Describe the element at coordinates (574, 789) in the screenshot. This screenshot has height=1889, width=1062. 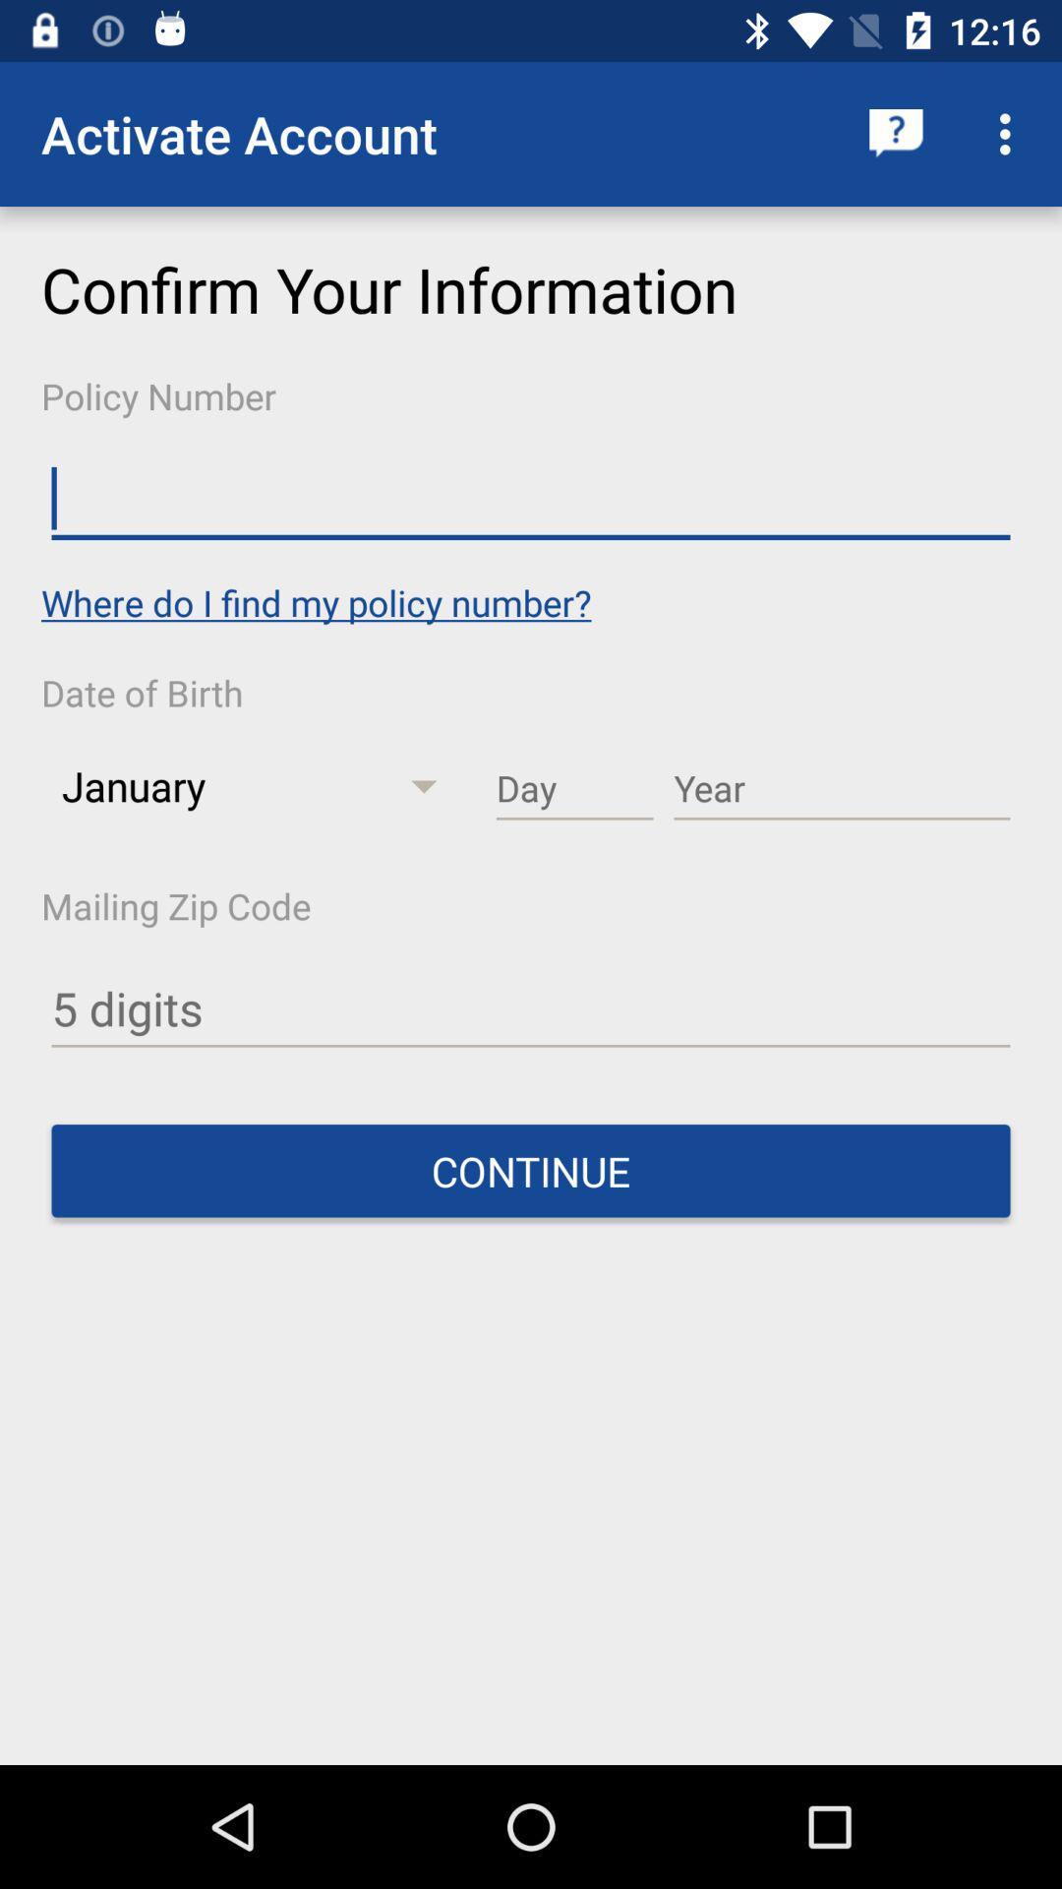
I see `day of birth` at that location.